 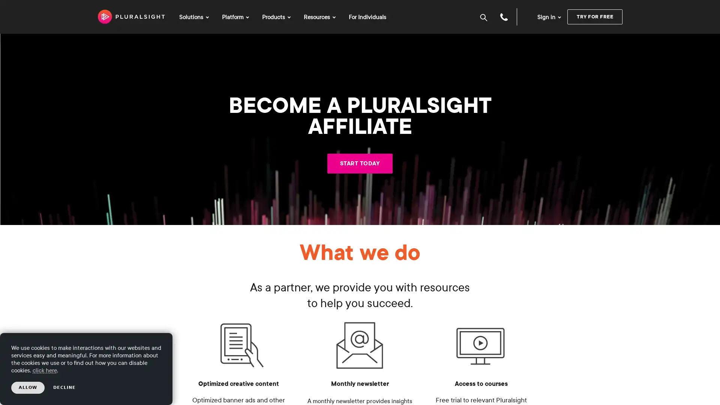 I want to click on DECLINE, so click(x=64, y=387).